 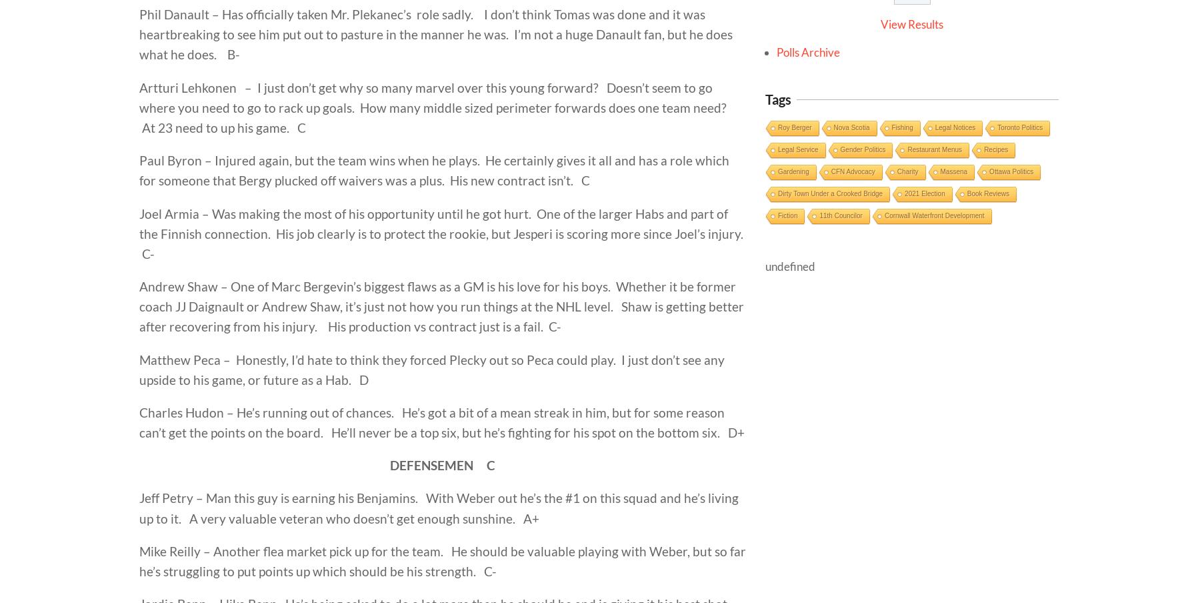 I want to click on 'Cornwall Waterfront Development', so click(x=933, y=215).